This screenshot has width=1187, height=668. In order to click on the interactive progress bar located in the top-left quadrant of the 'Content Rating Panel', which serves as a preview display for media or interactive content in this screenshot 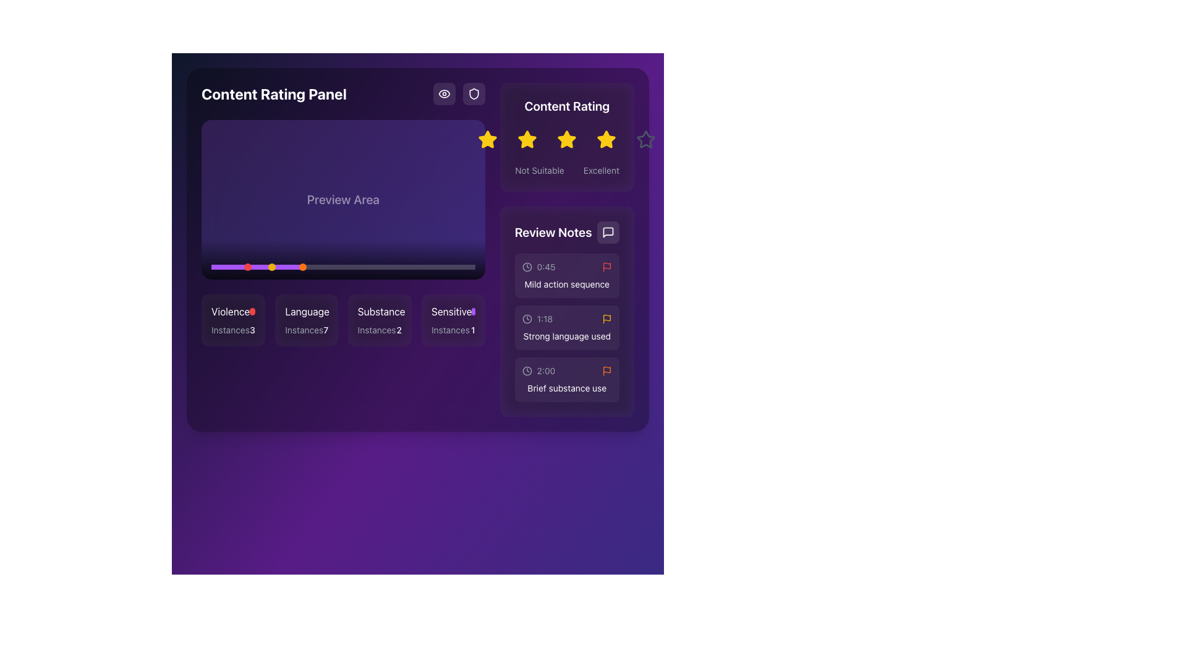, I will do `click(343, 199)`.